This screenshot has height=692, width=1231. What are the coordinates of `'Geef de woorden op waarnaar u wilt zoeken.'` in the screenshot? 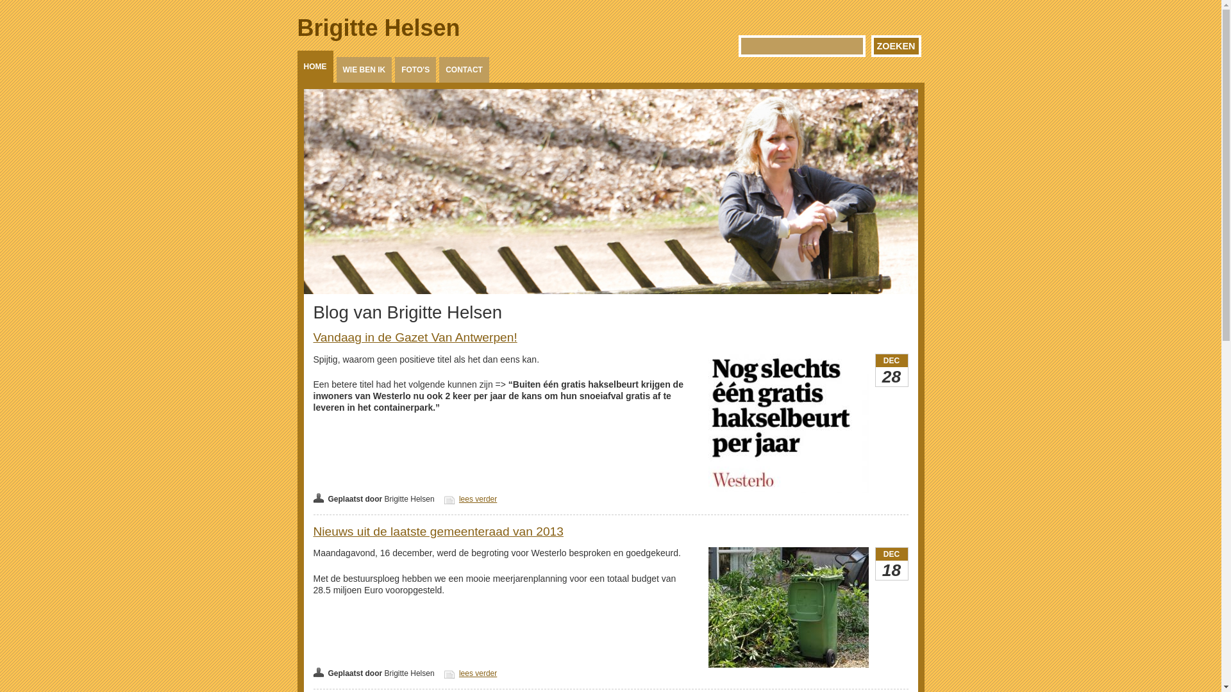 It's located at (801, 45).